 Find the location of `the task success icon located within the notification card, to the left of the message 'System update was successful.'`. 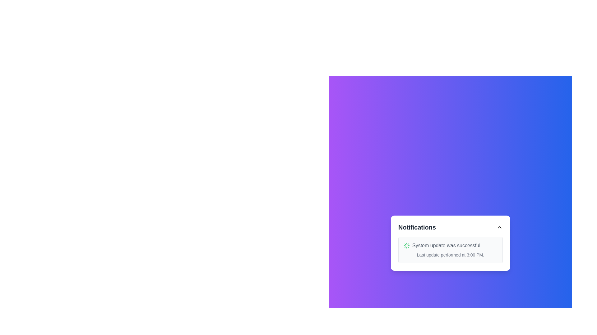

the task success icon located within the notification card, to the left of the message 'System update was successful.' is located at coordinates (407, 245).